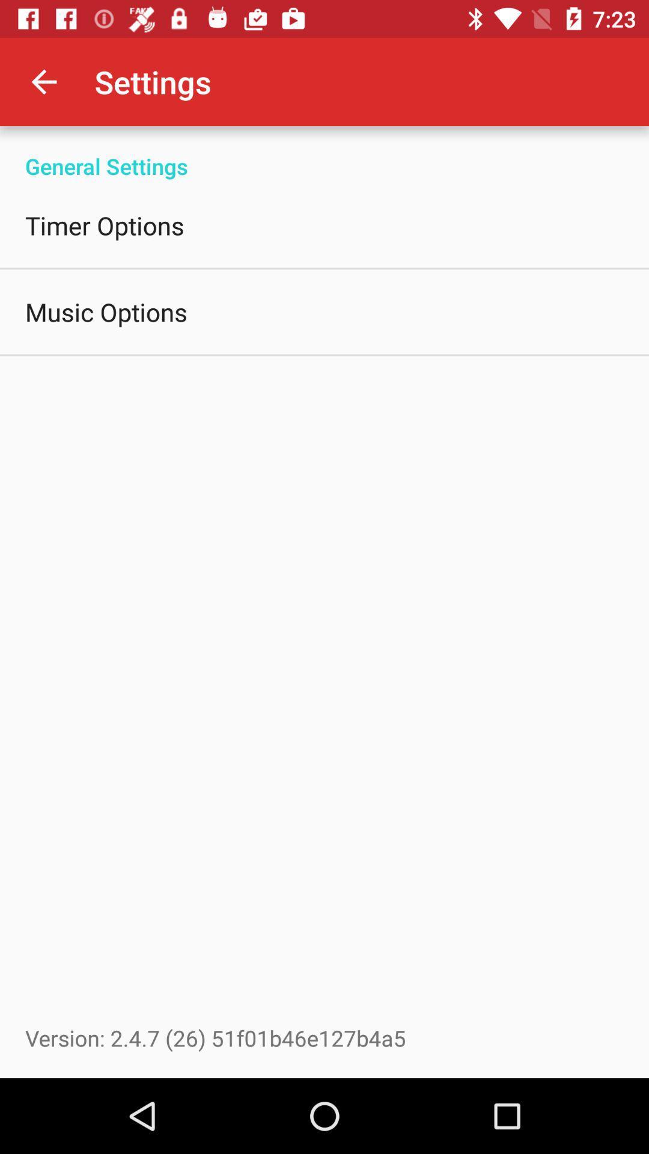 This screenshot has width=649, height=1154. Describe the element at coordinates (43, 81) in the screenshot. I see `item to the left of settings item` at that location.